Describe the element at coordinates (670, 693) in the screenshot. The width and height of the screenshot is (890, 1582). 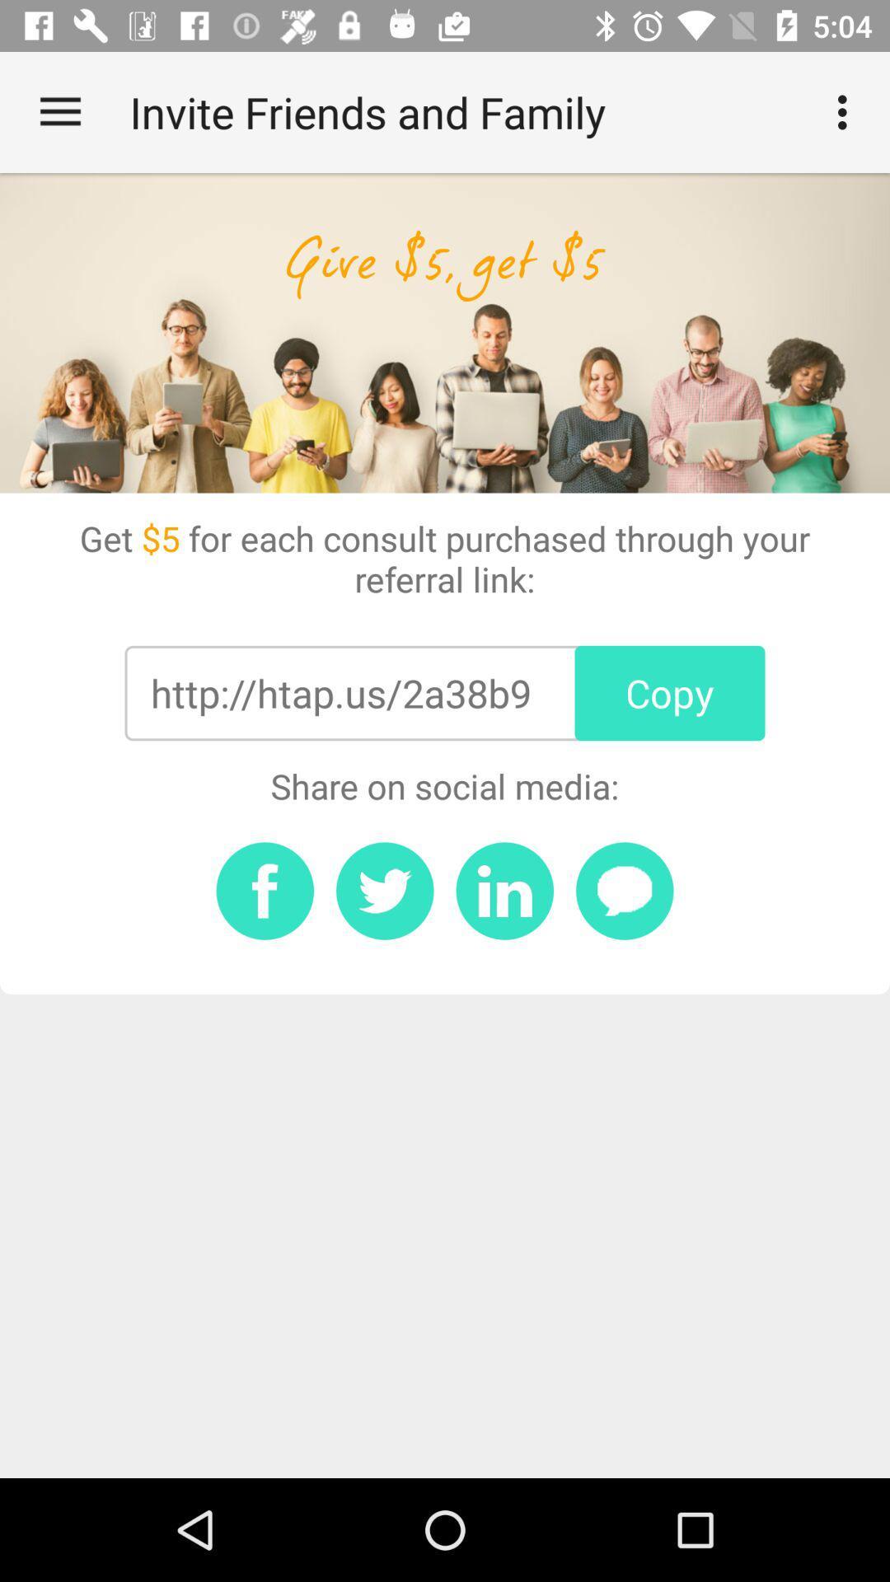
I see `the copy icon` at that location.